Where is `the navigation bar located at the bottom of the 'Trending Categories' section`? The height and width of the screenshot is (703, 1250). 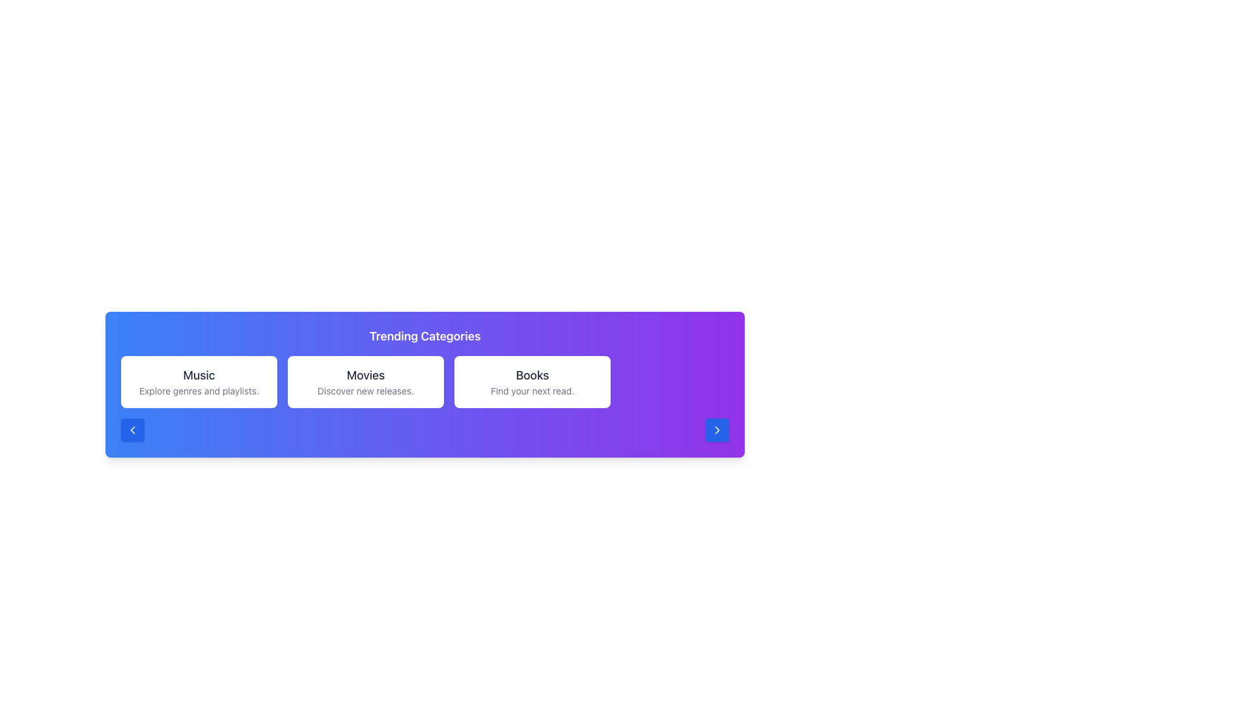
the navigation bar located at the bottom of the 'Trending Categories' section is located at coordinates (424, 430).